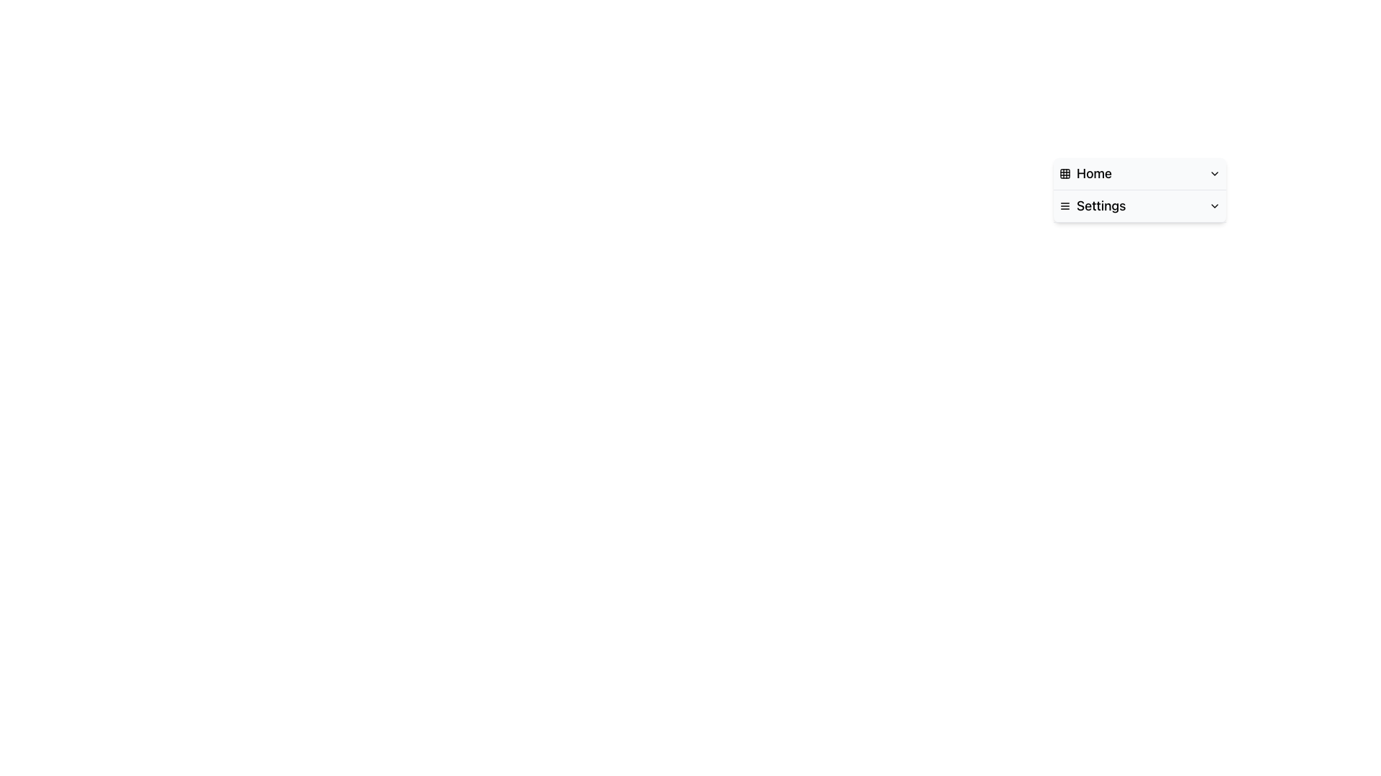 Image resolution: width=1381 pixels, height=776 pixels. What do you see at coordinates (1214, 173) in the screenshot?
I see `the downward-pointing chevron icon with a black outline located next to the 'Home' text for a tooltip or highlight effect` at bounding box center [1214, 173].